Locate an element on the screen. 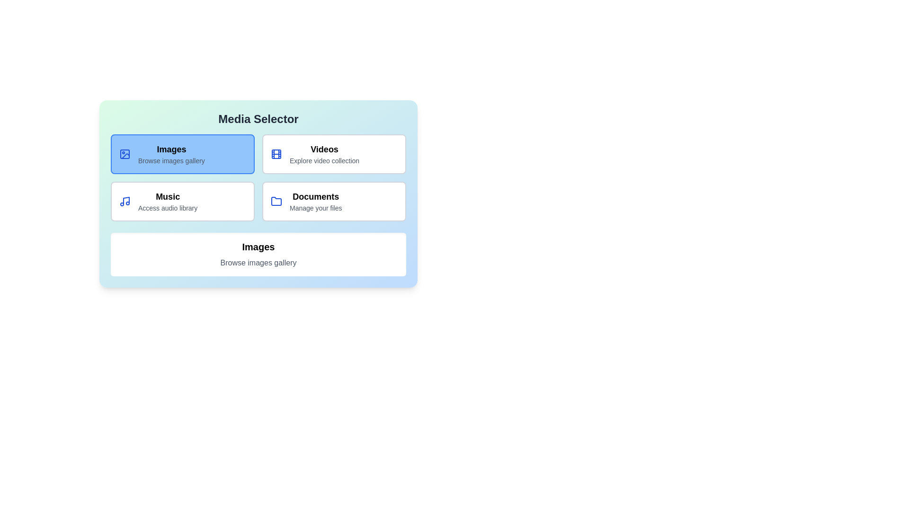 The height and width of the screenshot is (511, 909). the media card corresponding to Music is located at coordinates (182, 201).